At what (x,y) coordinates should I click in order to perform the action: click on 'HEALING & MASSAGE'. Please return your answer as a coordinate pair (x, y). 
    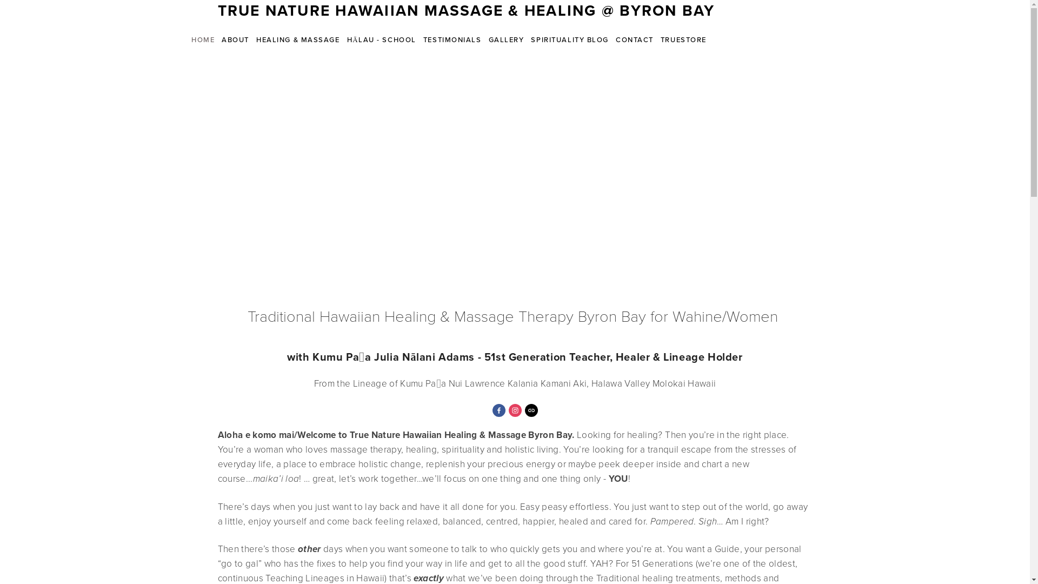
    Looking at the image, I should click on (298, 39).